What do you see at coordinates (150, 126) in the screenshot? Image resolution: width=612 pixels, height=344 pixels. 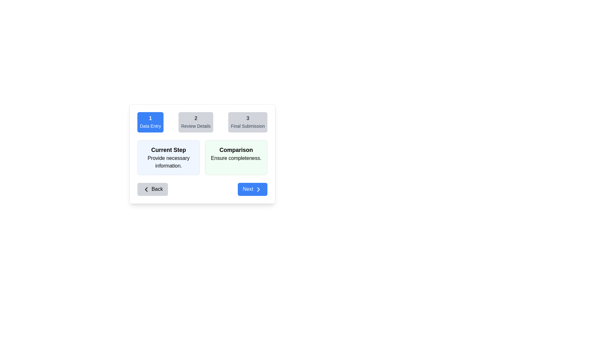 I see `the text label displaying 'Data Entry' which is styled with white text on a blue background and positioned beneath the number '1'` at bounding box center [150, 126].